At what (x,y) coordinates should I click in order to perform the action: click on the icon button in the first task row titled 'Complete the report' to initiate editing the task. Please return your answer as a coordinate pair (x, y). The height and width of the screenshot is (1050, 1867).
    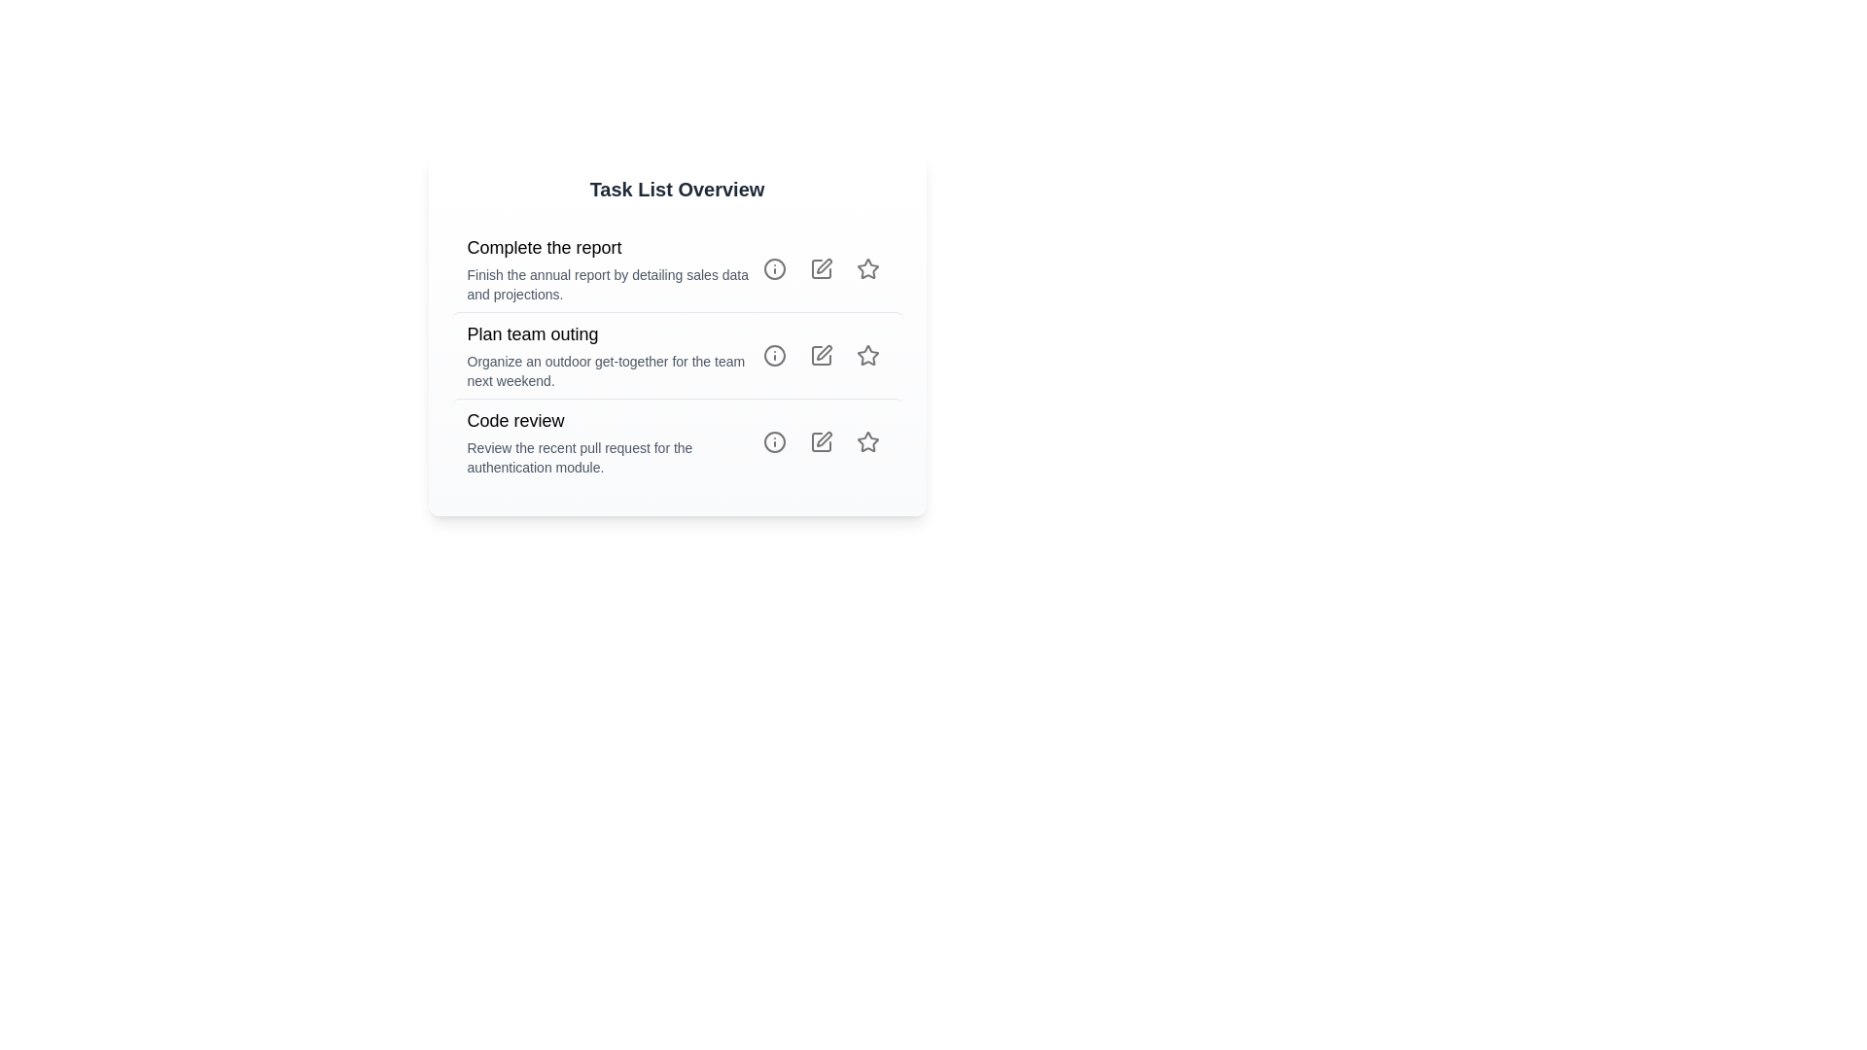
    Looking at the image, I should click on (821, 269).